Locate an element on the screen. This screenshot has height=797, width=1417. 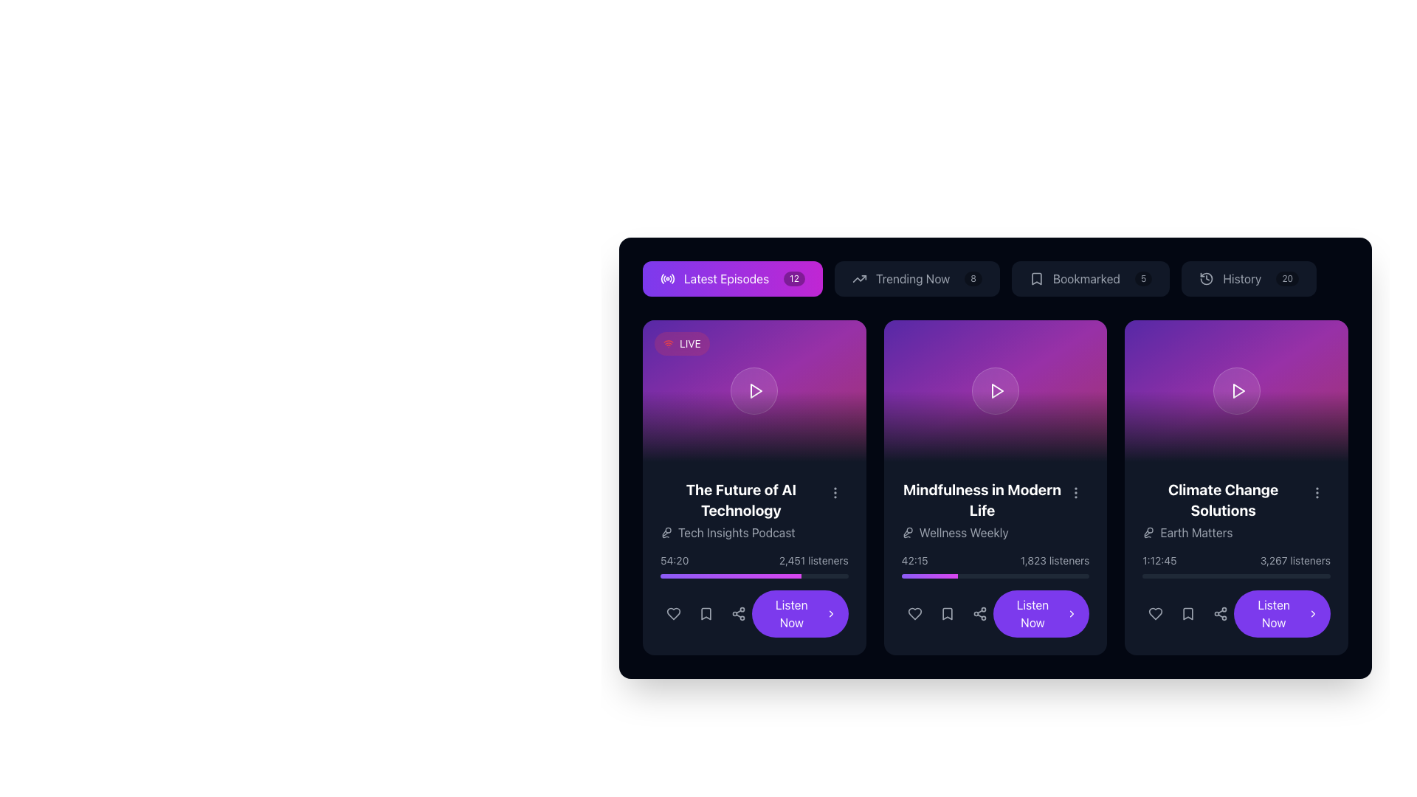
text displayed on the Label located at the bottom section of the 'Climate Change Solutions' card, which provides playback duration and listener count is located at coordinates (1236, 594).